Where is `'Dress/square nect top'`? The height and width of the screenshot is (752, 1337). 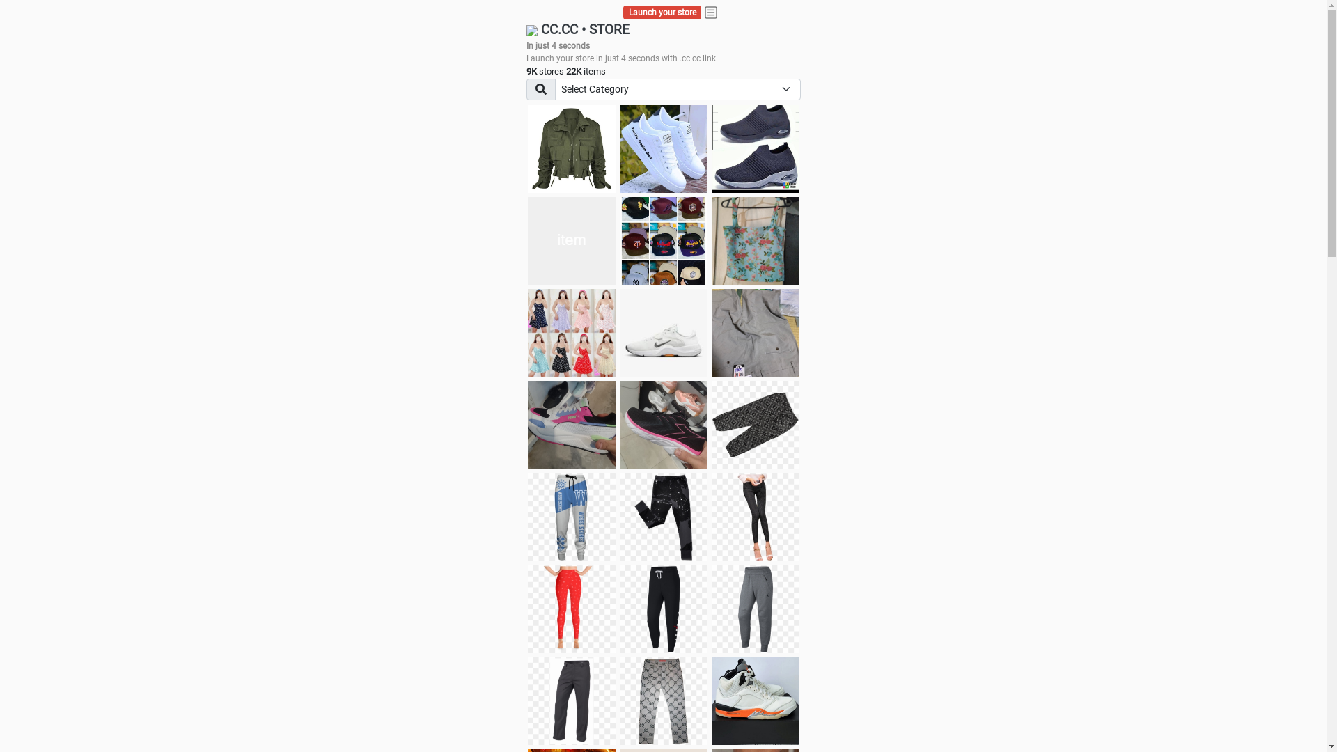
'Dress/square nect top' is located at coordinates (527, 333).